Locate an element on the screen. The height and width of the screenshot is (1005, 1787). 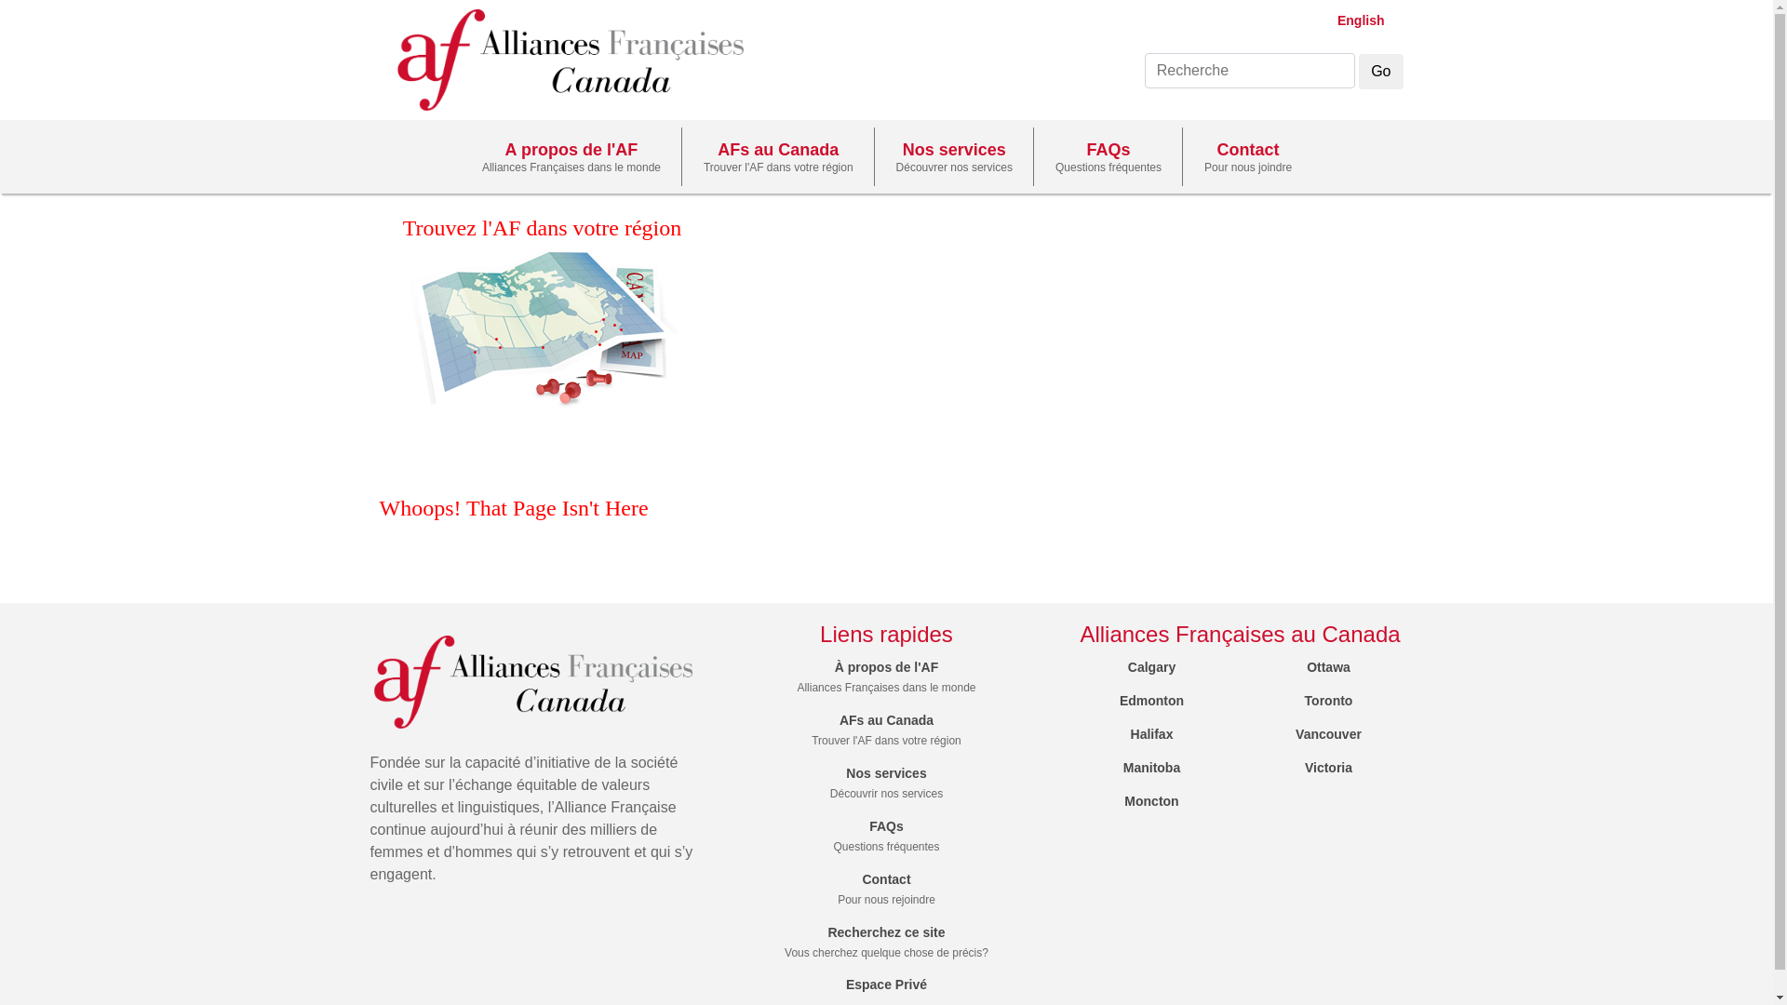
'English' is located at coordinates (1352, 20).